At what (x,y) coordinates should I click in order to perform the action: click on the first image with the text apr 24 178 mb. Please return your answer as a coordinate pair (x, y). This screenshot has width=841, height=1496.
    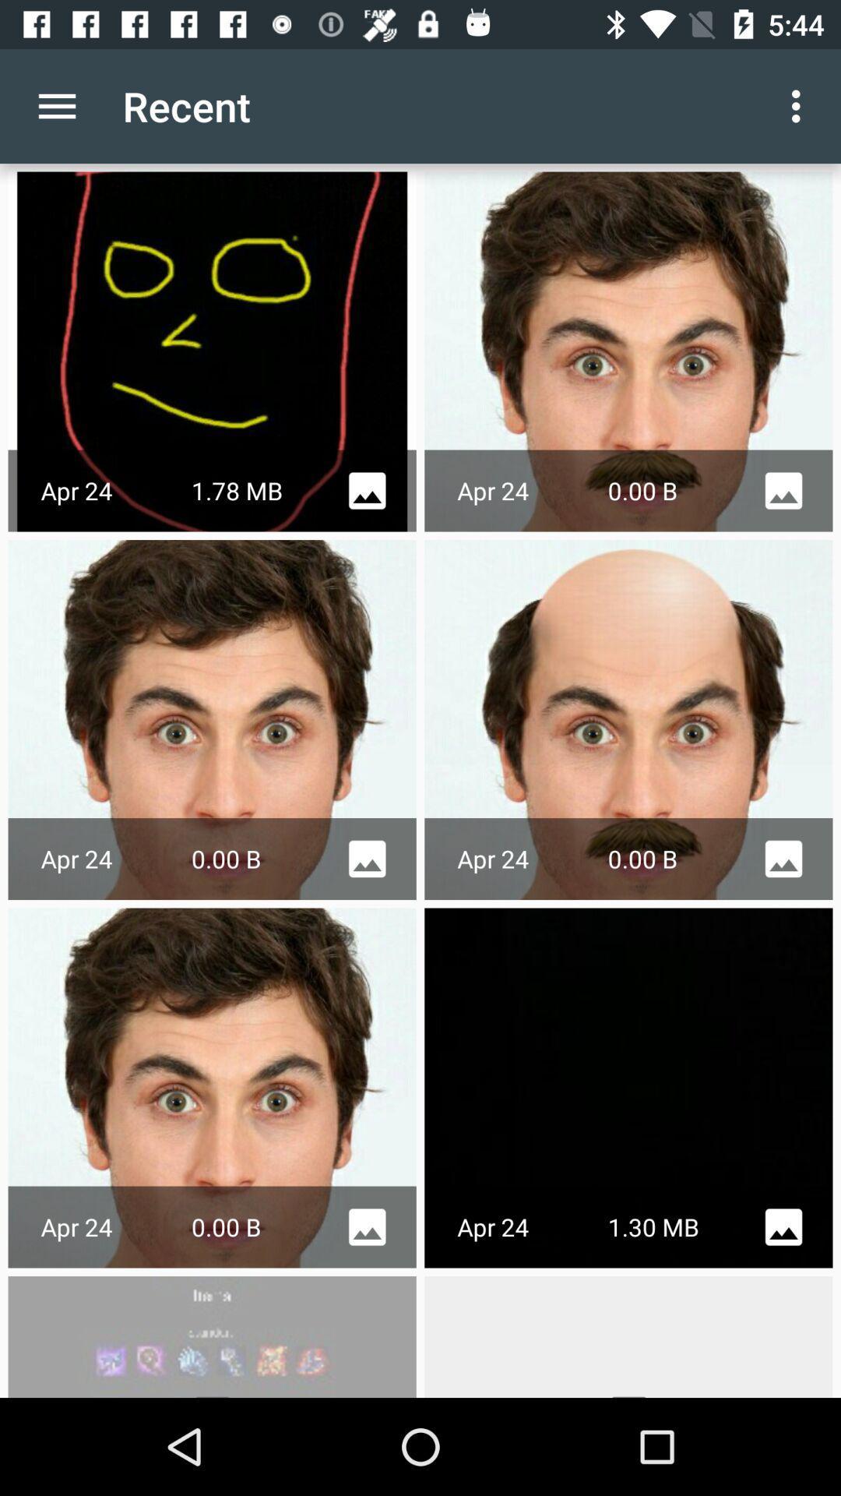
    Looking at the image, I should click on (213, 351).